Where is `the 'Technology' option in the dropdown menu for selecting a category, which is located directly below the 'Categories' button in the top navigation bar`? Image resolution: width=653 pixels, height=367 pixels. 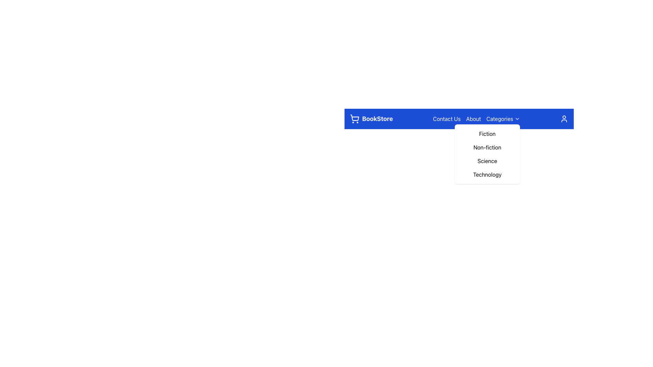
the 'Technology' option in the dropdown menu for selecting a category, which is located directly below the 'Categories' button in the top navigation bar is located at coordinates (459, 172).